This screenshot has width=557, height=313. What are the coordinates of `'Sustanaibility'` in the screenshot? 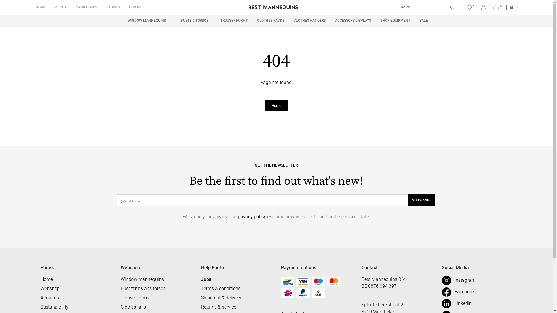 It's located at (54, 307).